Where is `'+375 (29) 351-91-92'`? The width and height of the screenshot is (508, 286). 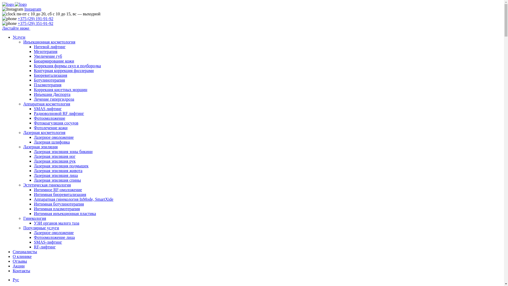
'+375 (29) 351-91-92' is located at coordinates (18, 23).